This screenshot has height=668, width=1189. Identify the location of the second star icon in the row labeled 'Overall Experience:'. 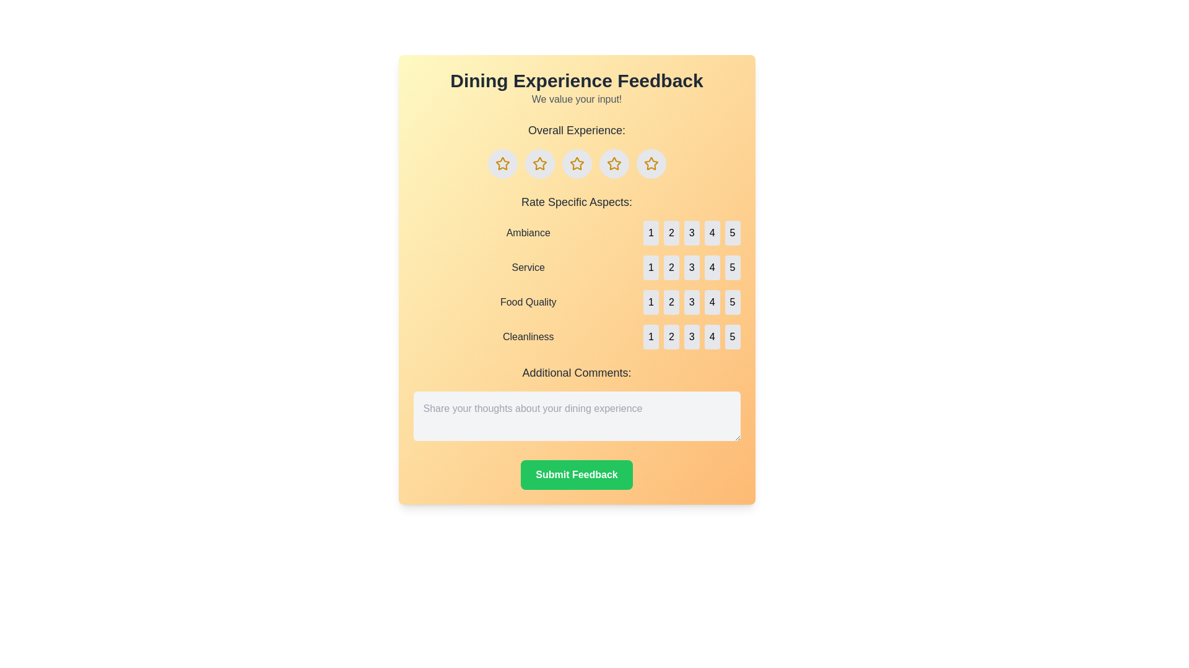
(539, 163).